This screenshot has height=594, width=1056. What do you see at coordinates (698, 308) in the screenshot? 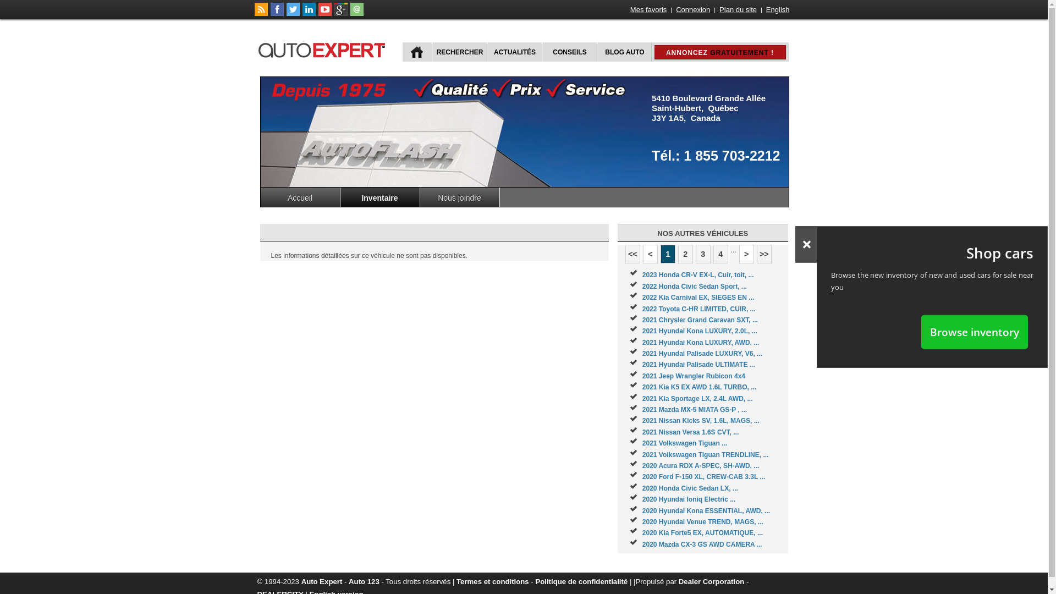
I see `'2022 Toyota C-HR LIMITED, CUIR, ...'` at bounding box center [698, 308].